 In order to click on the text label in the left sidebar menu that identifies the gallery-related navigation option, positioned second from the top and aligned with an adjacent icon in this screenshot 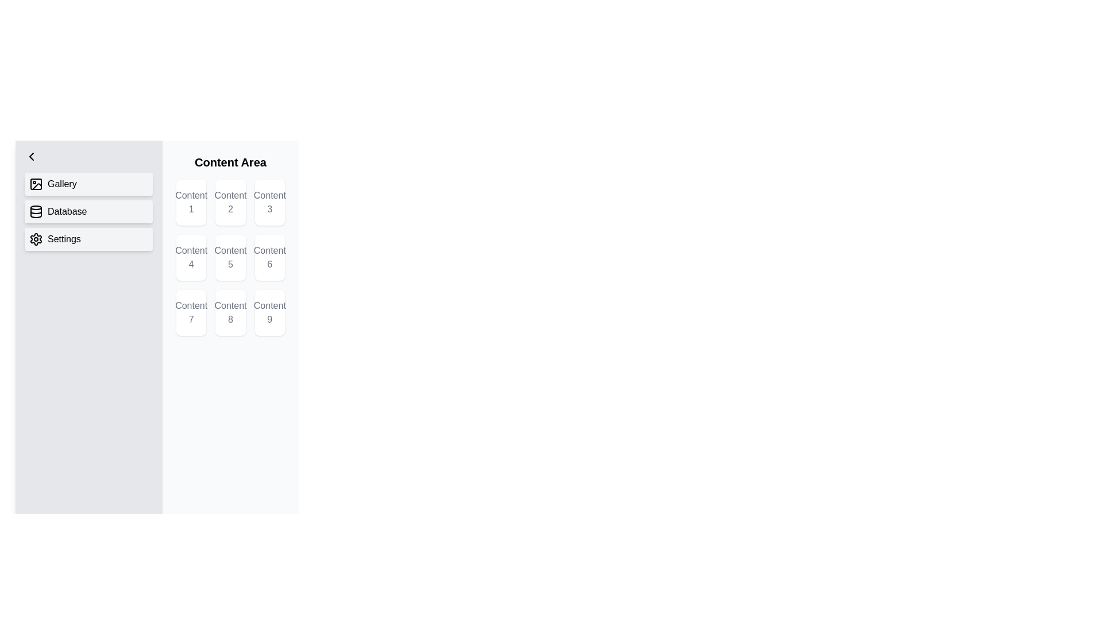, I will do `click(61, 183)`.